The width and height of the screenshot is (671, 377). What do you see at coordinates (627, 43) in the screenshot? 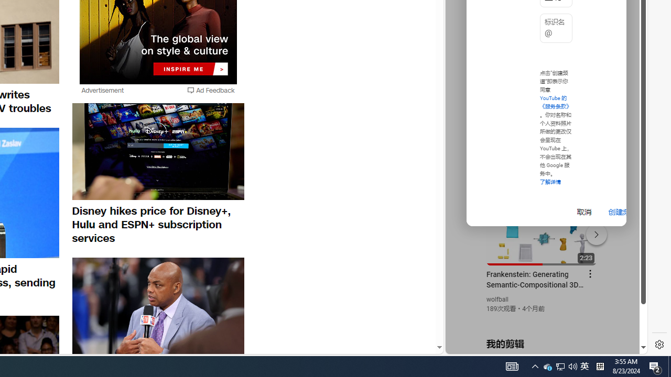
I see `'Click to scroll right'` at bounding box center [627, 43].